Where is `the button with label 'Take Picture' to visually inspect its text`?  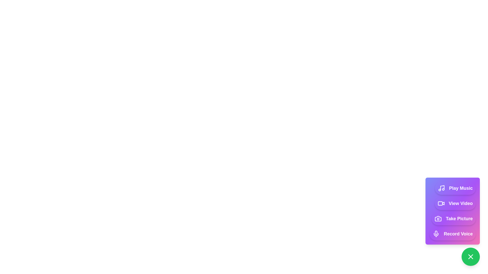
the button with label 'Take Picture' to visually inspect its text is located at coordinates (454, 218).